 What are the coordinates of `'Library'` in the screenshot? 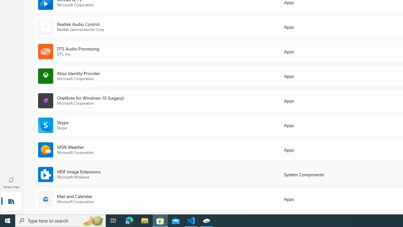 It's located at (11, 202).